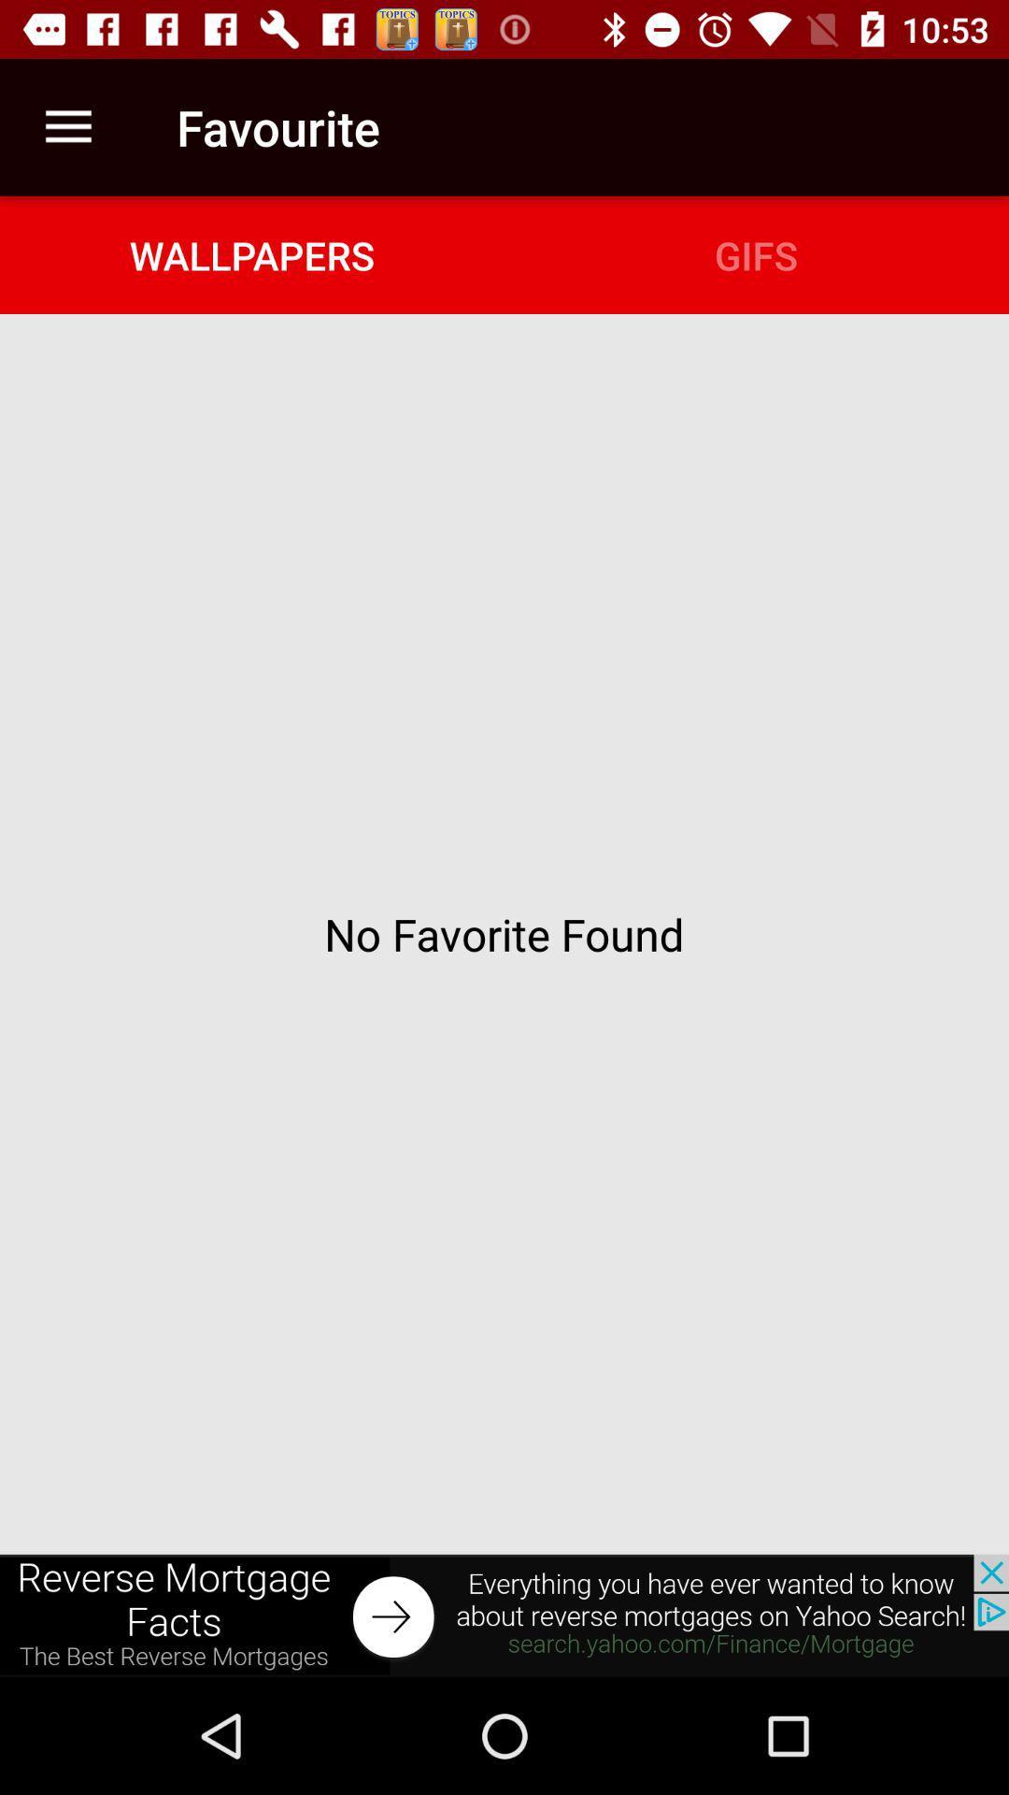  Describe the element at coordinates (504, 1615) in the screenshot. I see `open advertisement` at that location.